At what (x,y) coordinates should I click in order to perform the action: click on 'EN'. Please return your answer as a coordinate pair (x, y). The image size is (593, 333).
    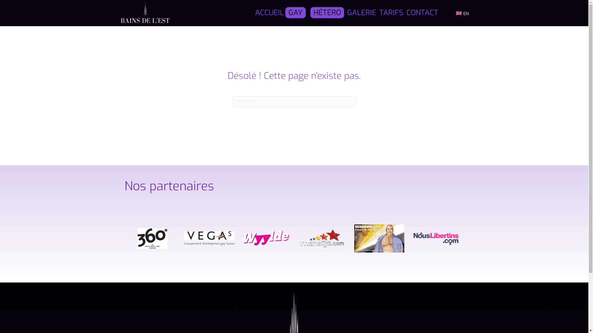
    Looking at the image, I should click on (462, 13).